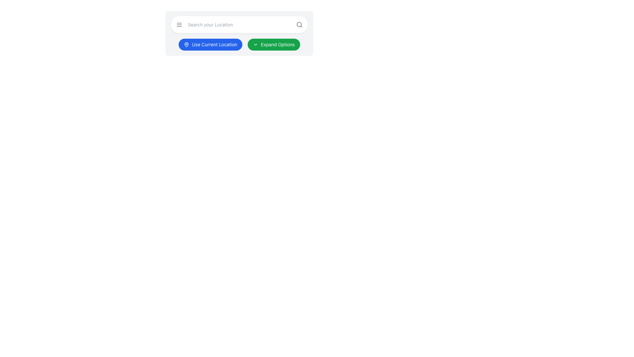 The width and height of the screenshot is (634, 357). I want to click on the geographical location button located in the top section of the interface, positioned to the left of the 'Expand Options' button, so click(210, 45).